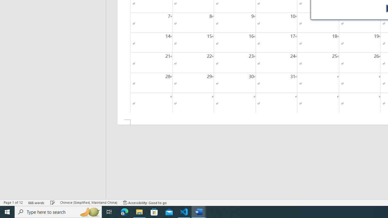  I want to click on 'Language Chinese (Simplified, Mainland China)', so click(88, 203).